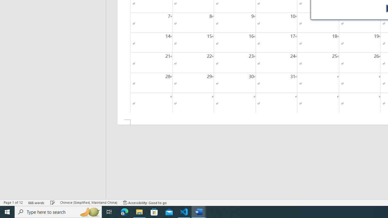  I want to click on 'Language Chinese (Simplified, Mainland China)', so click(88, 203).